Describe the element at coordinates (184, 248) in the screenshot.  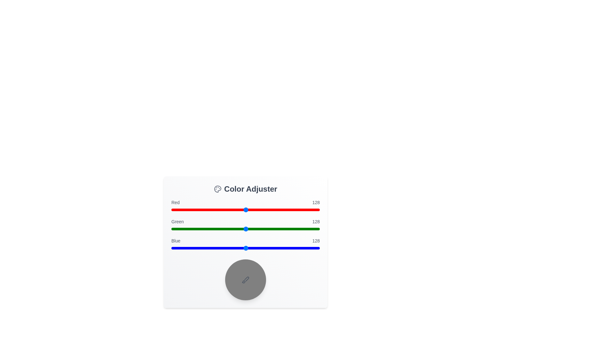
I see `the blue slider to set its value to 22` at that location.